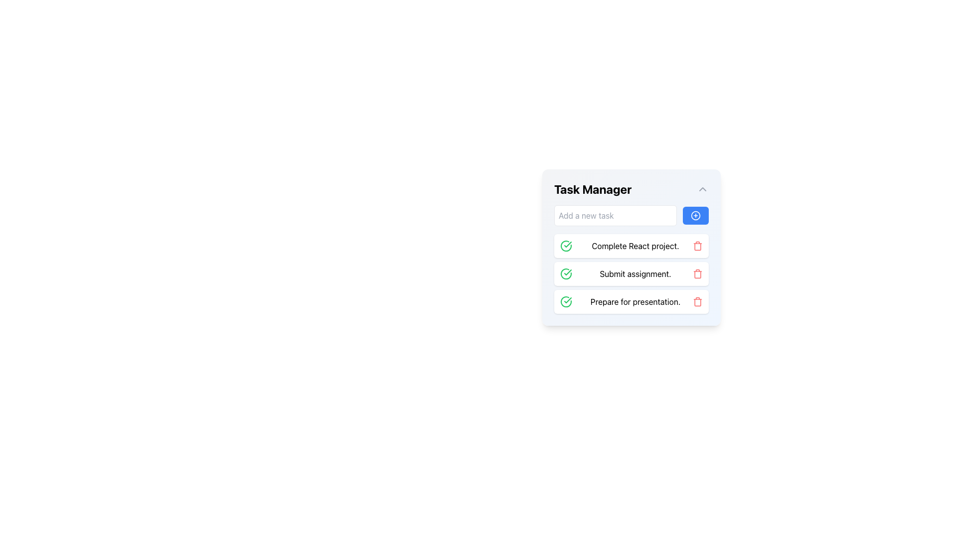  Describe the element at coordinates (697, 246) in the screenshot. I see `the red trash can icon located at the right end of the task item titled 'Complete React project'` at that location.